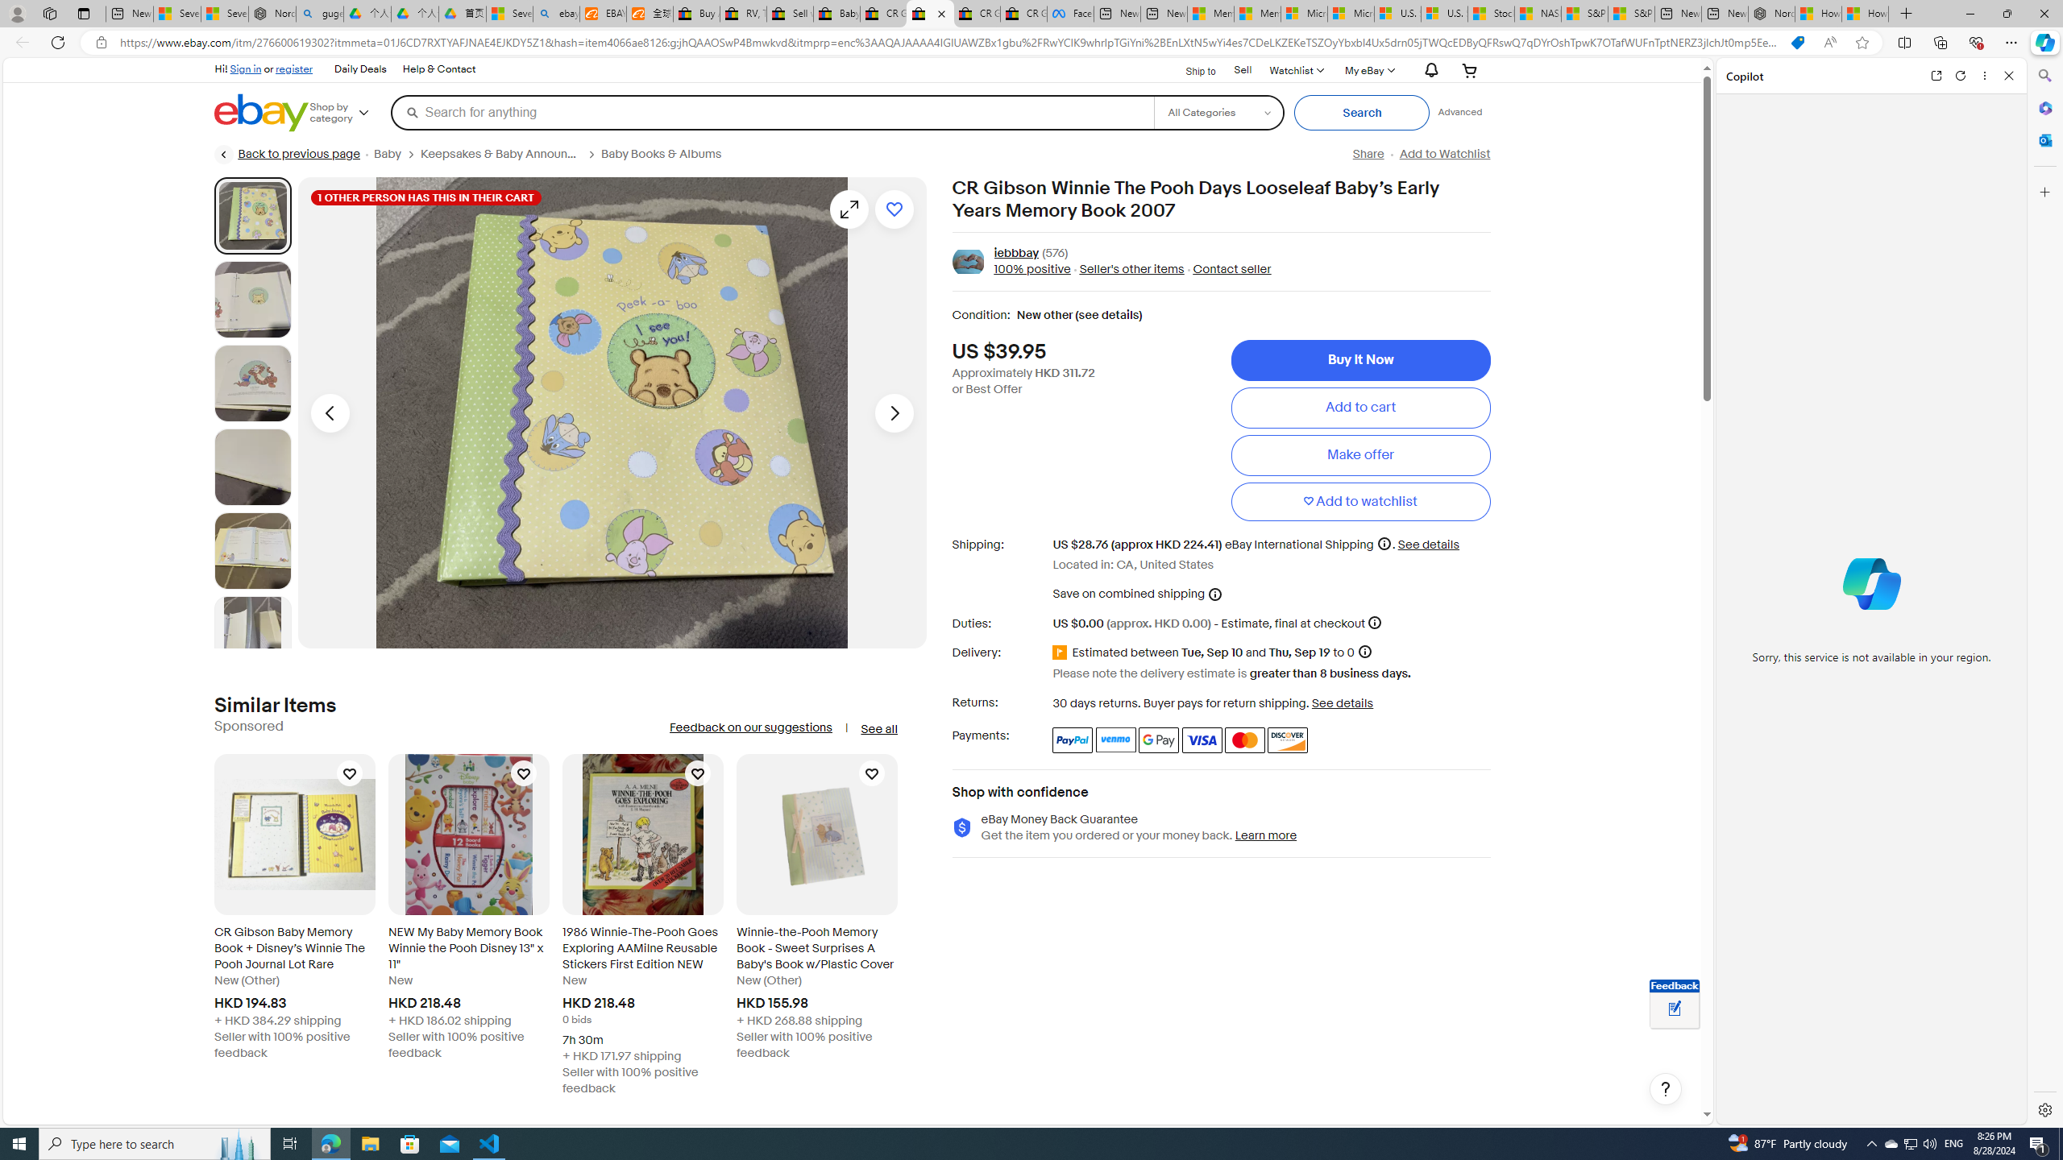 The image size is (2063, 1160). What do you see at coordinates (439, 70) in the screenshot?
I see `'Help & Contact'` at bounding box center [439, 70].